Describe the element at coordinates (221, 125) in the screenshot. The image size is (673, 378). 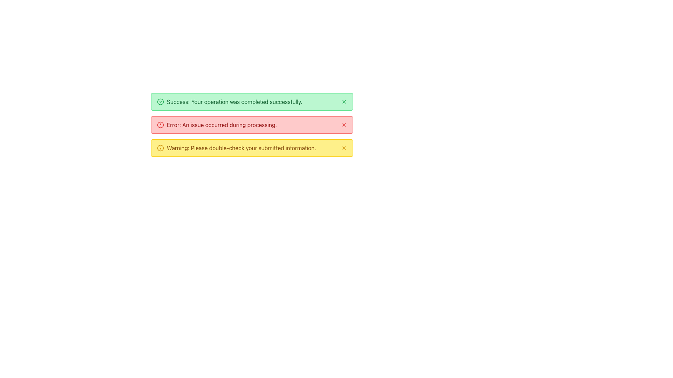
I see `the textual notification displaying 'Error: An issue occurred during processing.' within the red notification box, which is the second in the vertical stack of notifications` at that location.